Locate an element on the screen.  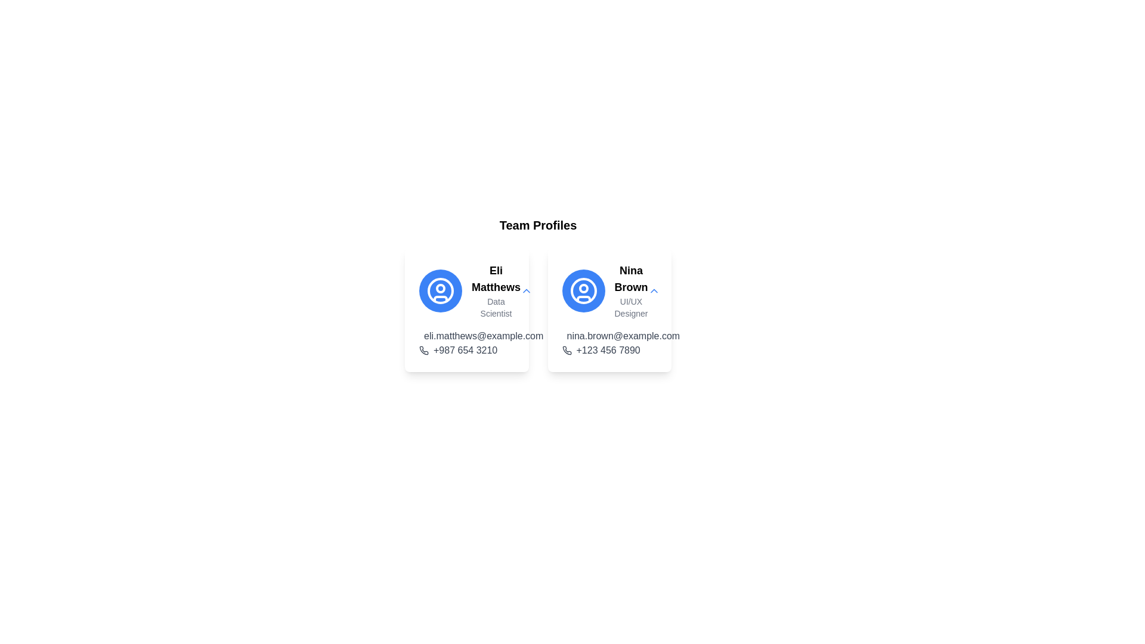
the triangular flap component of the mail icon associated with Eli Matthews's profile, located to the left of the email text 'matthews@example.com' is located at coordinates (426, 336).